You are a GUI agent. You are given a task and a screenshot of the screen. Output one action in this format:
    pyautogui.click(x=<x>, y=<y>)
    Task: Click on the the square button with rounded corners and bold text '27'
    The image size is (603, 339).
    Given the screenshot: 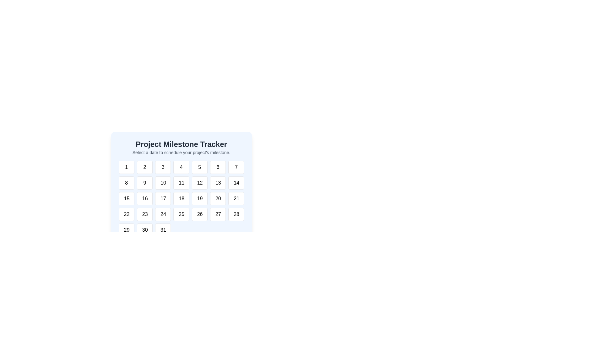 What is the action you would take?
    pyautogui.click(x=218, y=214)
    